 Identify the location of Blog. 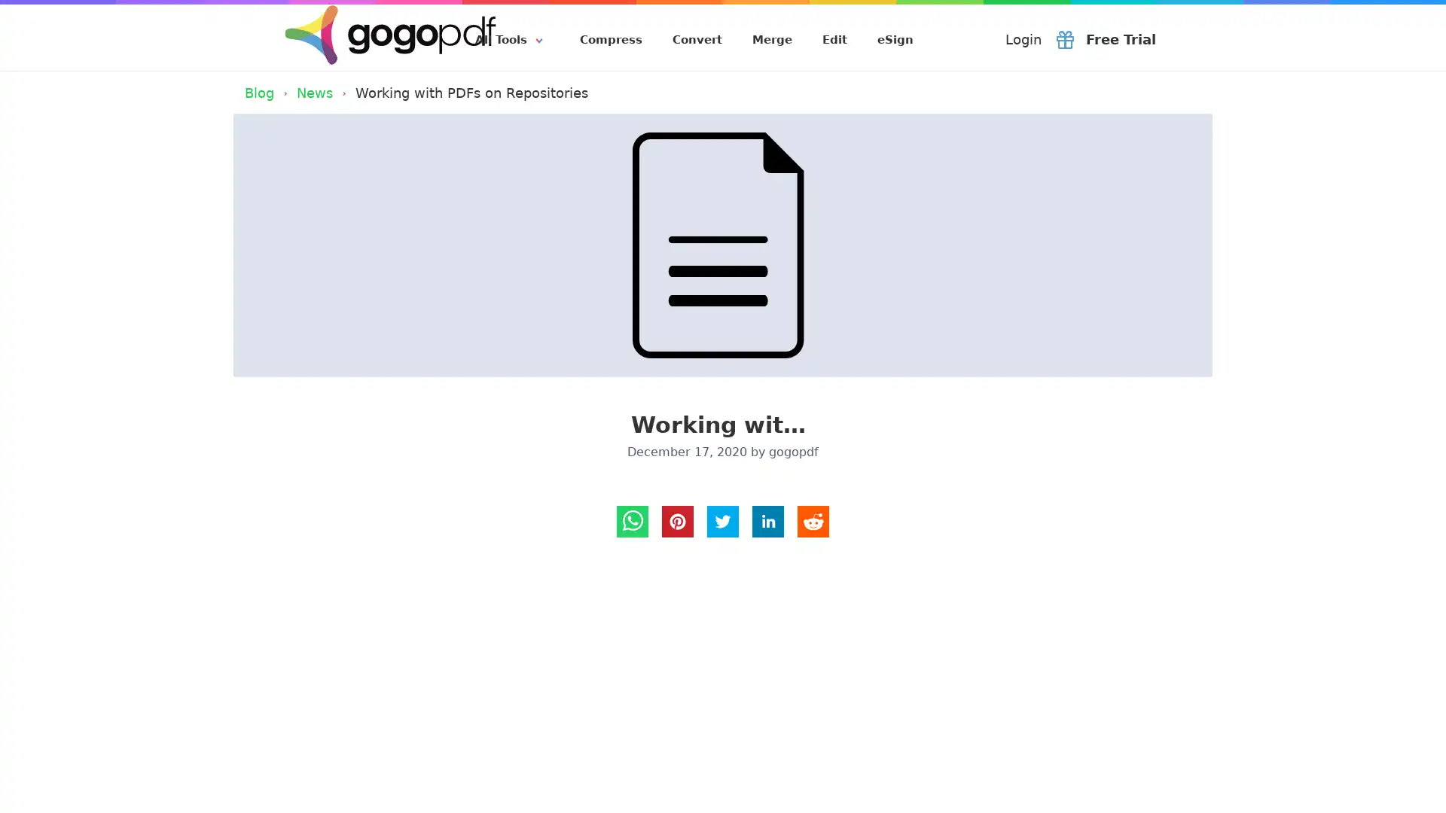
(259, 93).